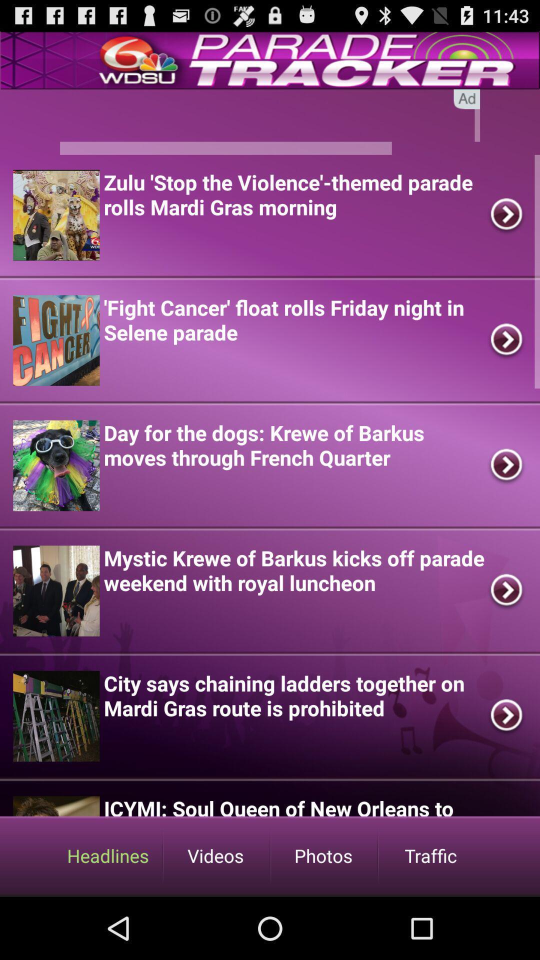 The height and width of the screenshot is (960, 540). Describe the element at coordinates (56, 465) in the screenshot. I see `the third image` at that location.